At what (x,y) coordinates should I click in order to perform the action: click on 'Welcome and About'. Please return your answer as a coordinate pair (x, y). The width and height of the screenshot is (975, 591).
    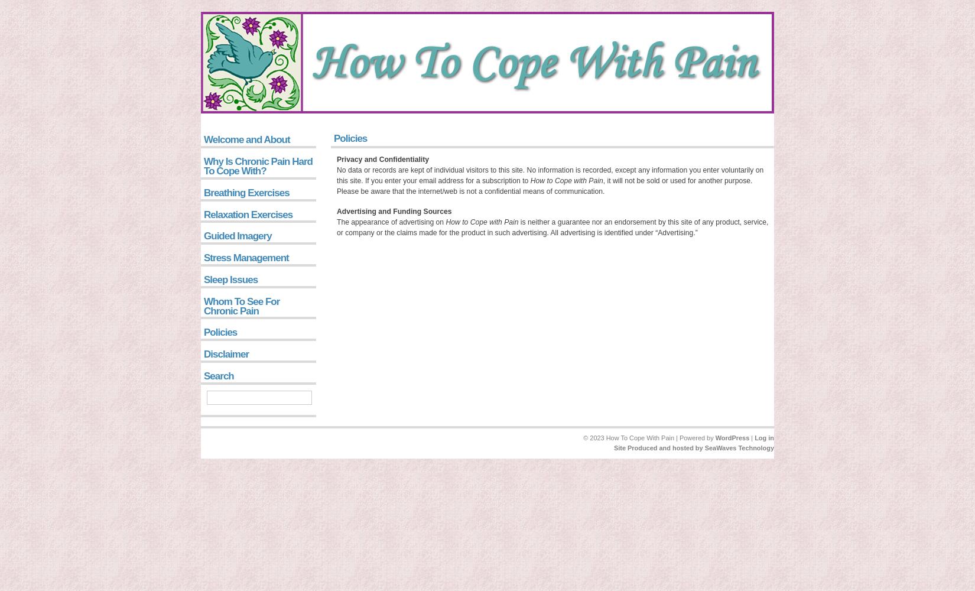
    Looking at the image, I should click on (246, 139).